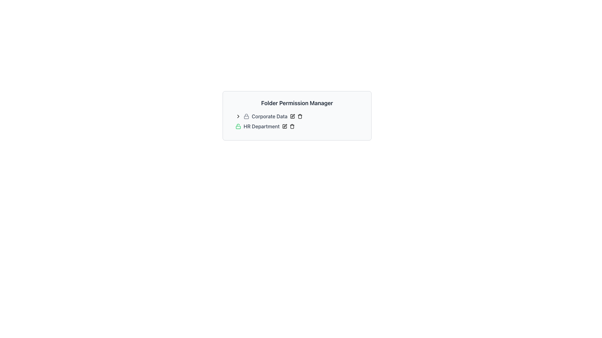 The width and height of the screenshot is (602, 338). I want to click on the icon depicting a square outline with a pen inside, located adjacent to the 'Corporate Data' text, so click(292, 116).